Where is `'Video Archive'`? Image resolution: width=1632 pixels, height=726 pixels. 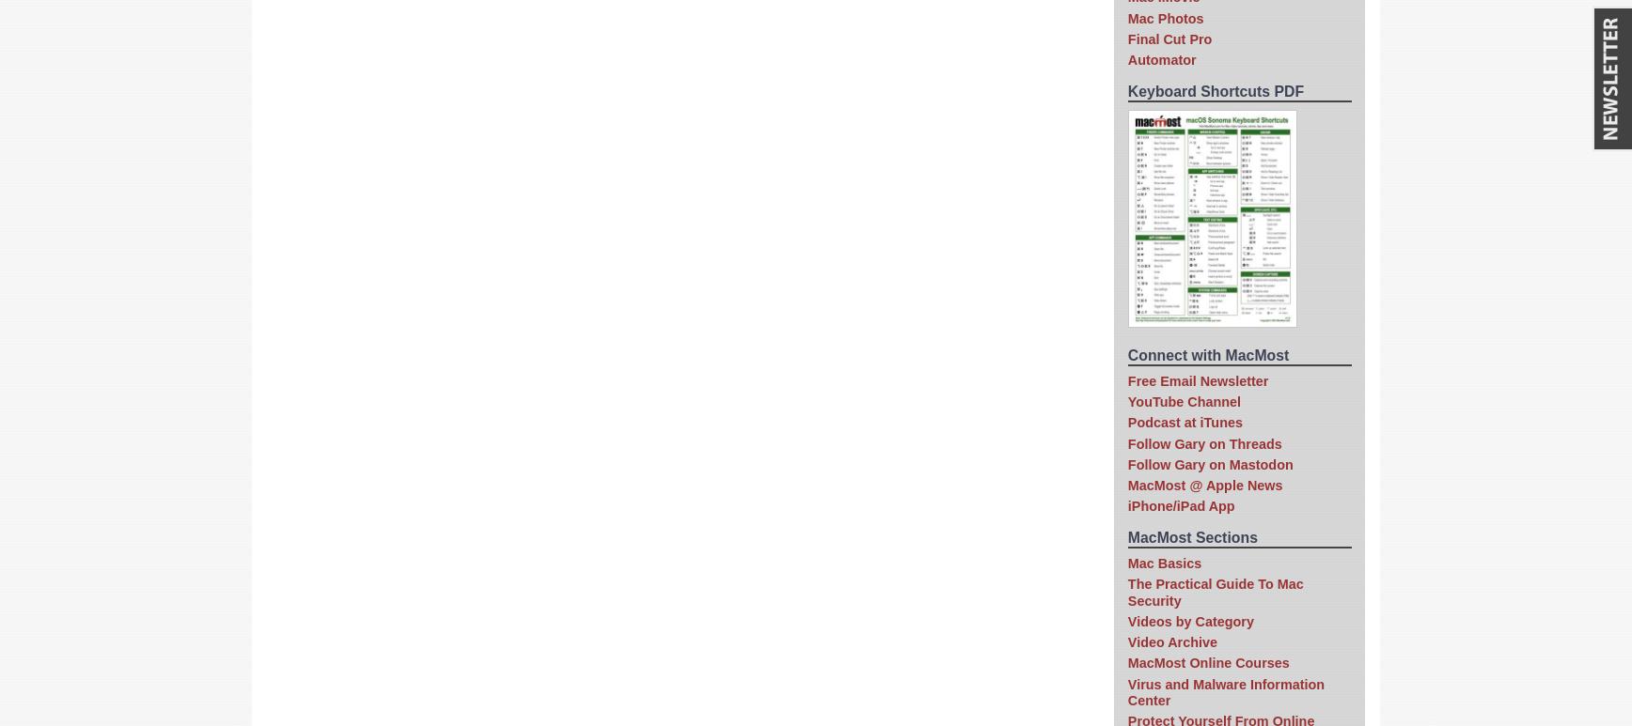
'Video Archive' is located at coordinates (1127, 641).